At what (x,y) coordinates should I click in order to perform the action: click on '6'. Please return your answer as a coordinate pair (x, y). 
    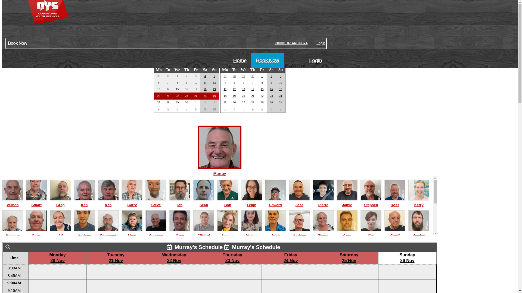
    Looking at the image, I should click on (177, 109).